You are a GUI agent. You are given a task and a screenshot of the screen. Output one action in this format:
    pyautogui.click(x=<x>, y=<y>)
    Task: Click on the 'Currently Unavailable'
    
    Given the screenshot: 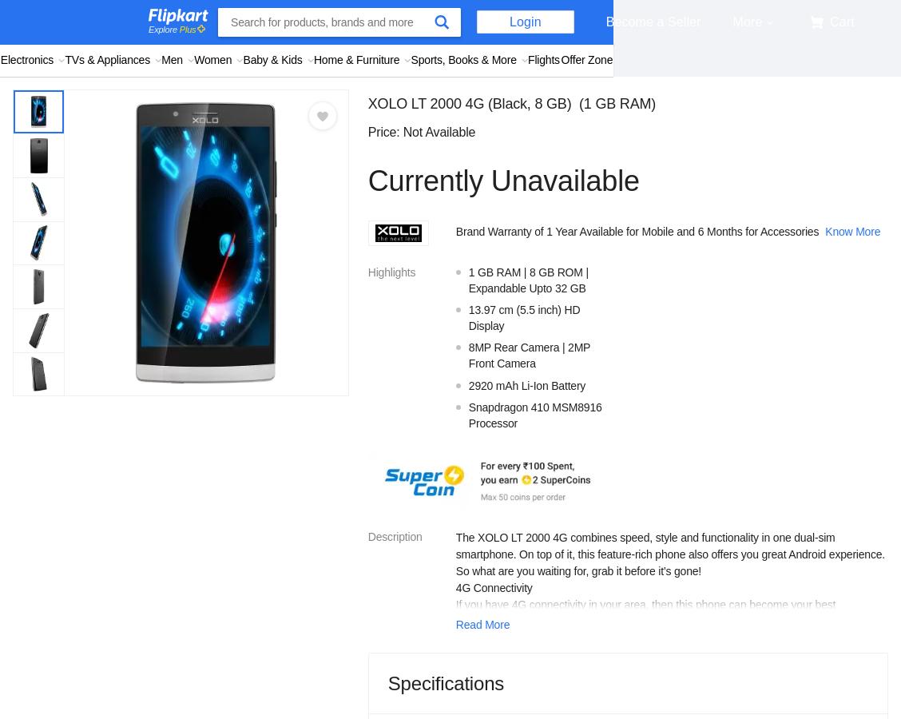 What is the action you would take?
    pyautogui.click(x=502, y=180)
    